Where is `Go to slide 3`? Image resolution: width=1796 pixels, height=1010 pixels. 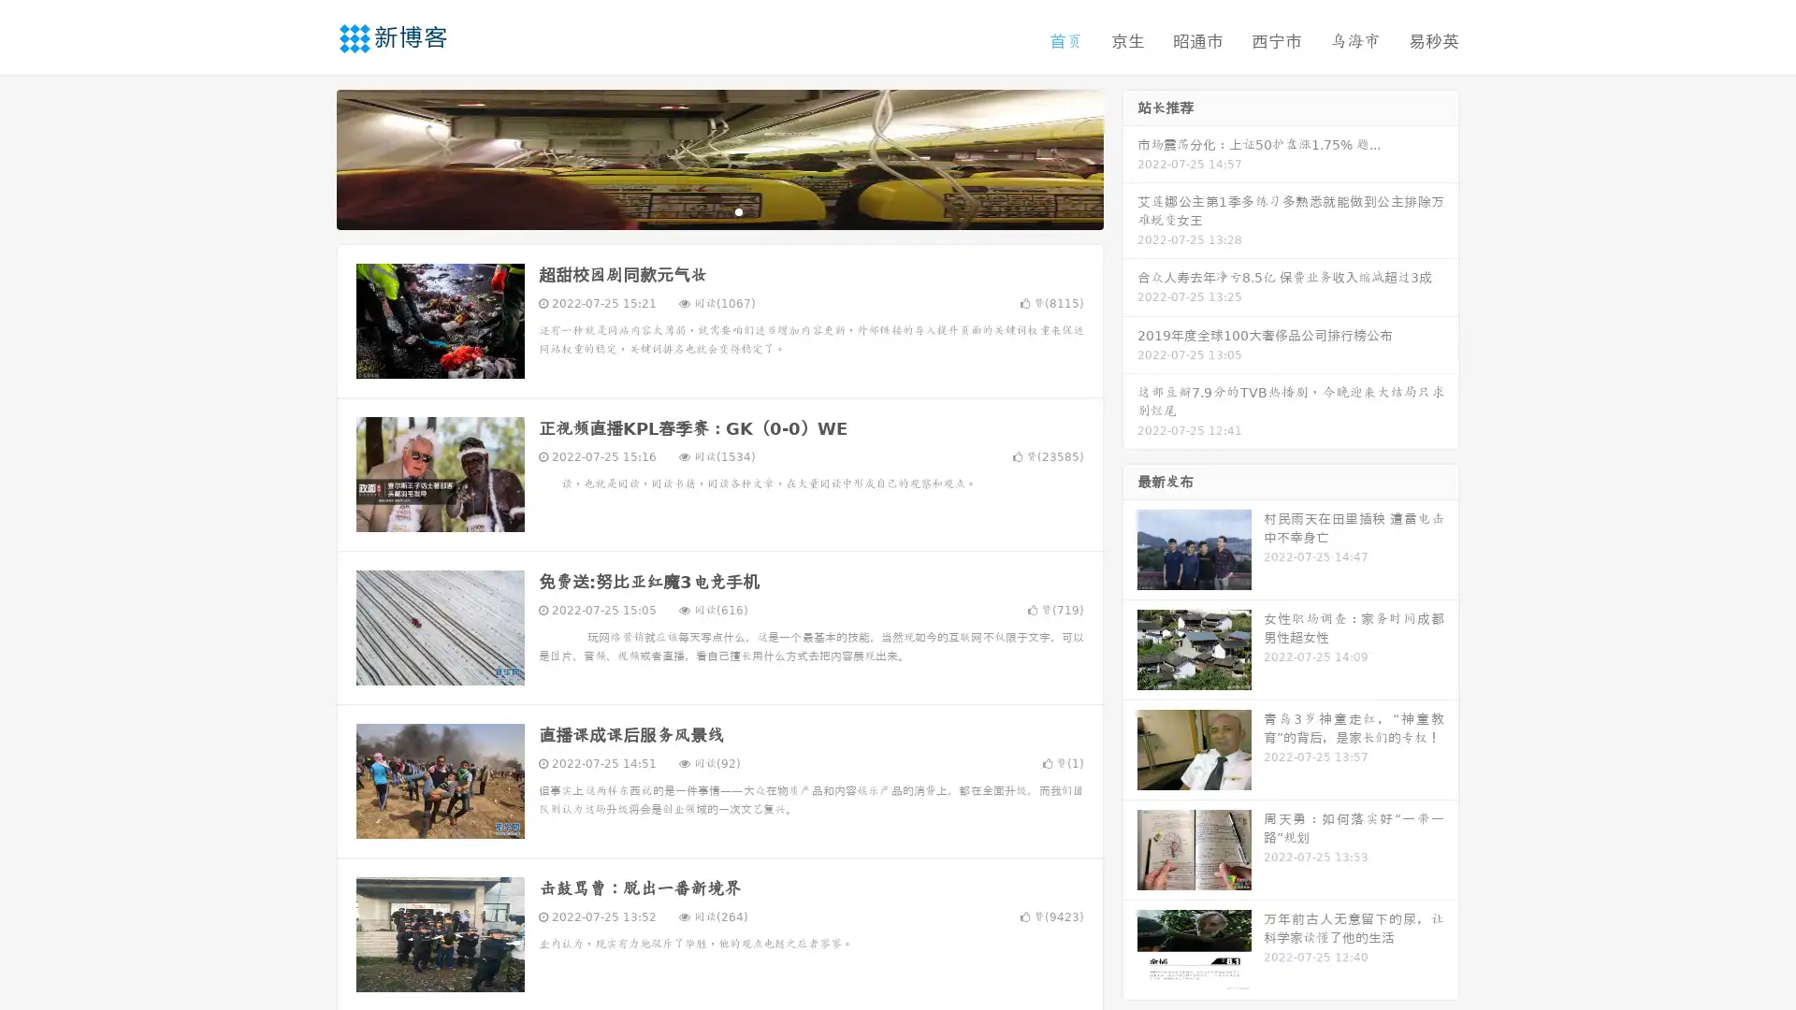
Go to slide 3 is located at coordinates (738, 210).